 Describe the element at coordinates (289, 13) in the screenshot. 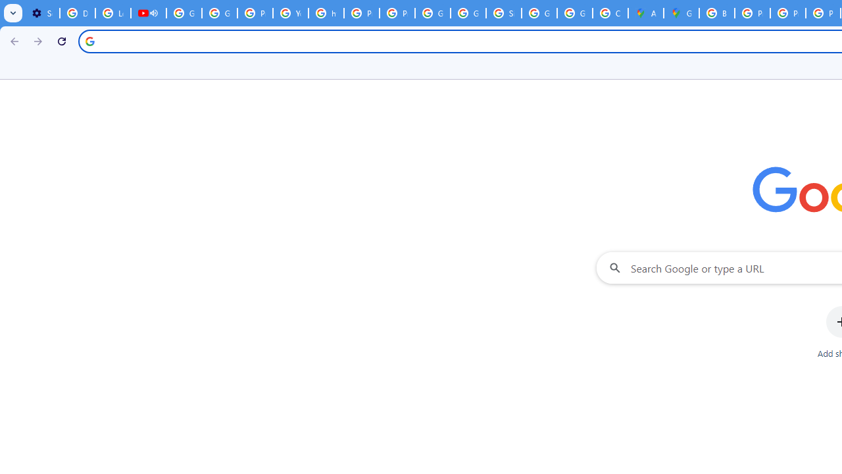

I see `'YouTube'` at that location.